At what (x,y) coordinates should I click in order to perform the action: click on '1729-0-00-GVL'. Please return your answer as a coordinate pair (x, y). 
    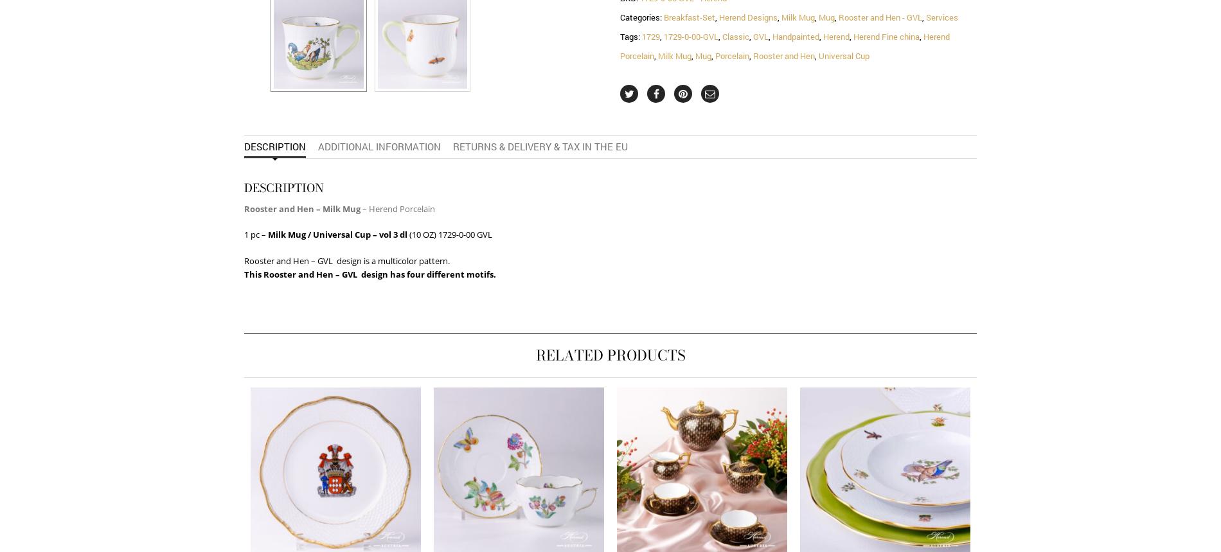
    Looking at the image, I should click on (691, 36).